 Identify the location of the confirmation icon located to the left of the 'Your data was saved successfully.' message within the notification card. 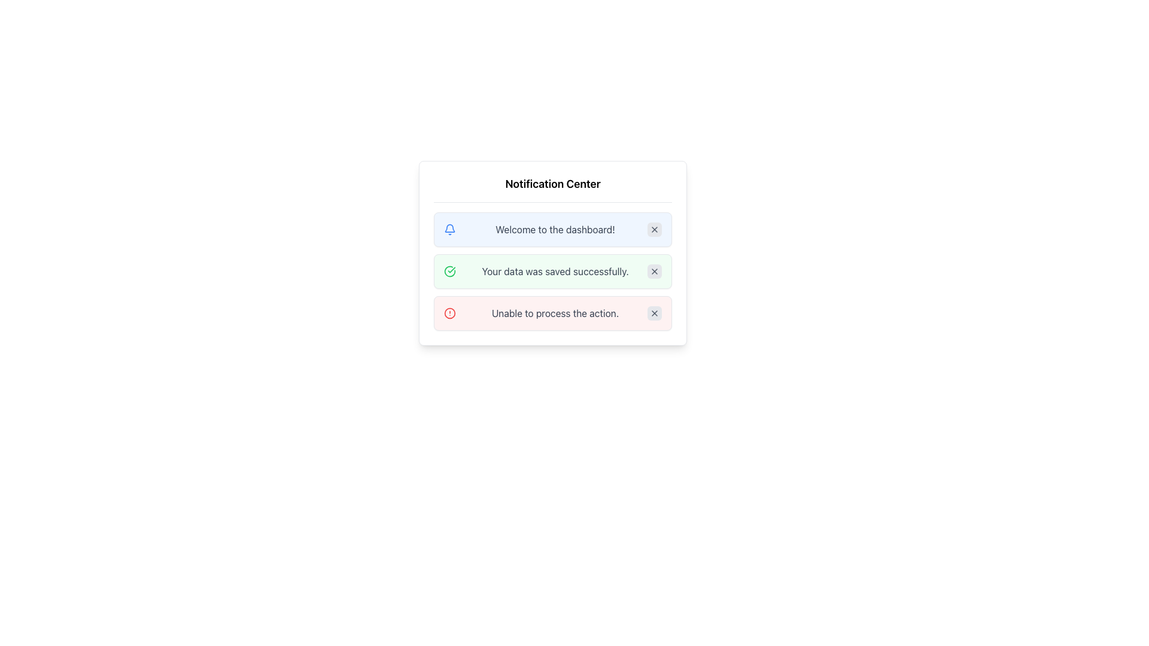
(449, 272).